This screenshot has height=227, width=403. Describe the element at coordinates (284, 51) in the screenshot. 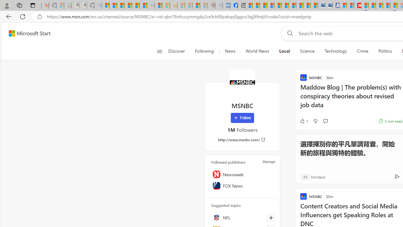

I see `'Local'` at that location.